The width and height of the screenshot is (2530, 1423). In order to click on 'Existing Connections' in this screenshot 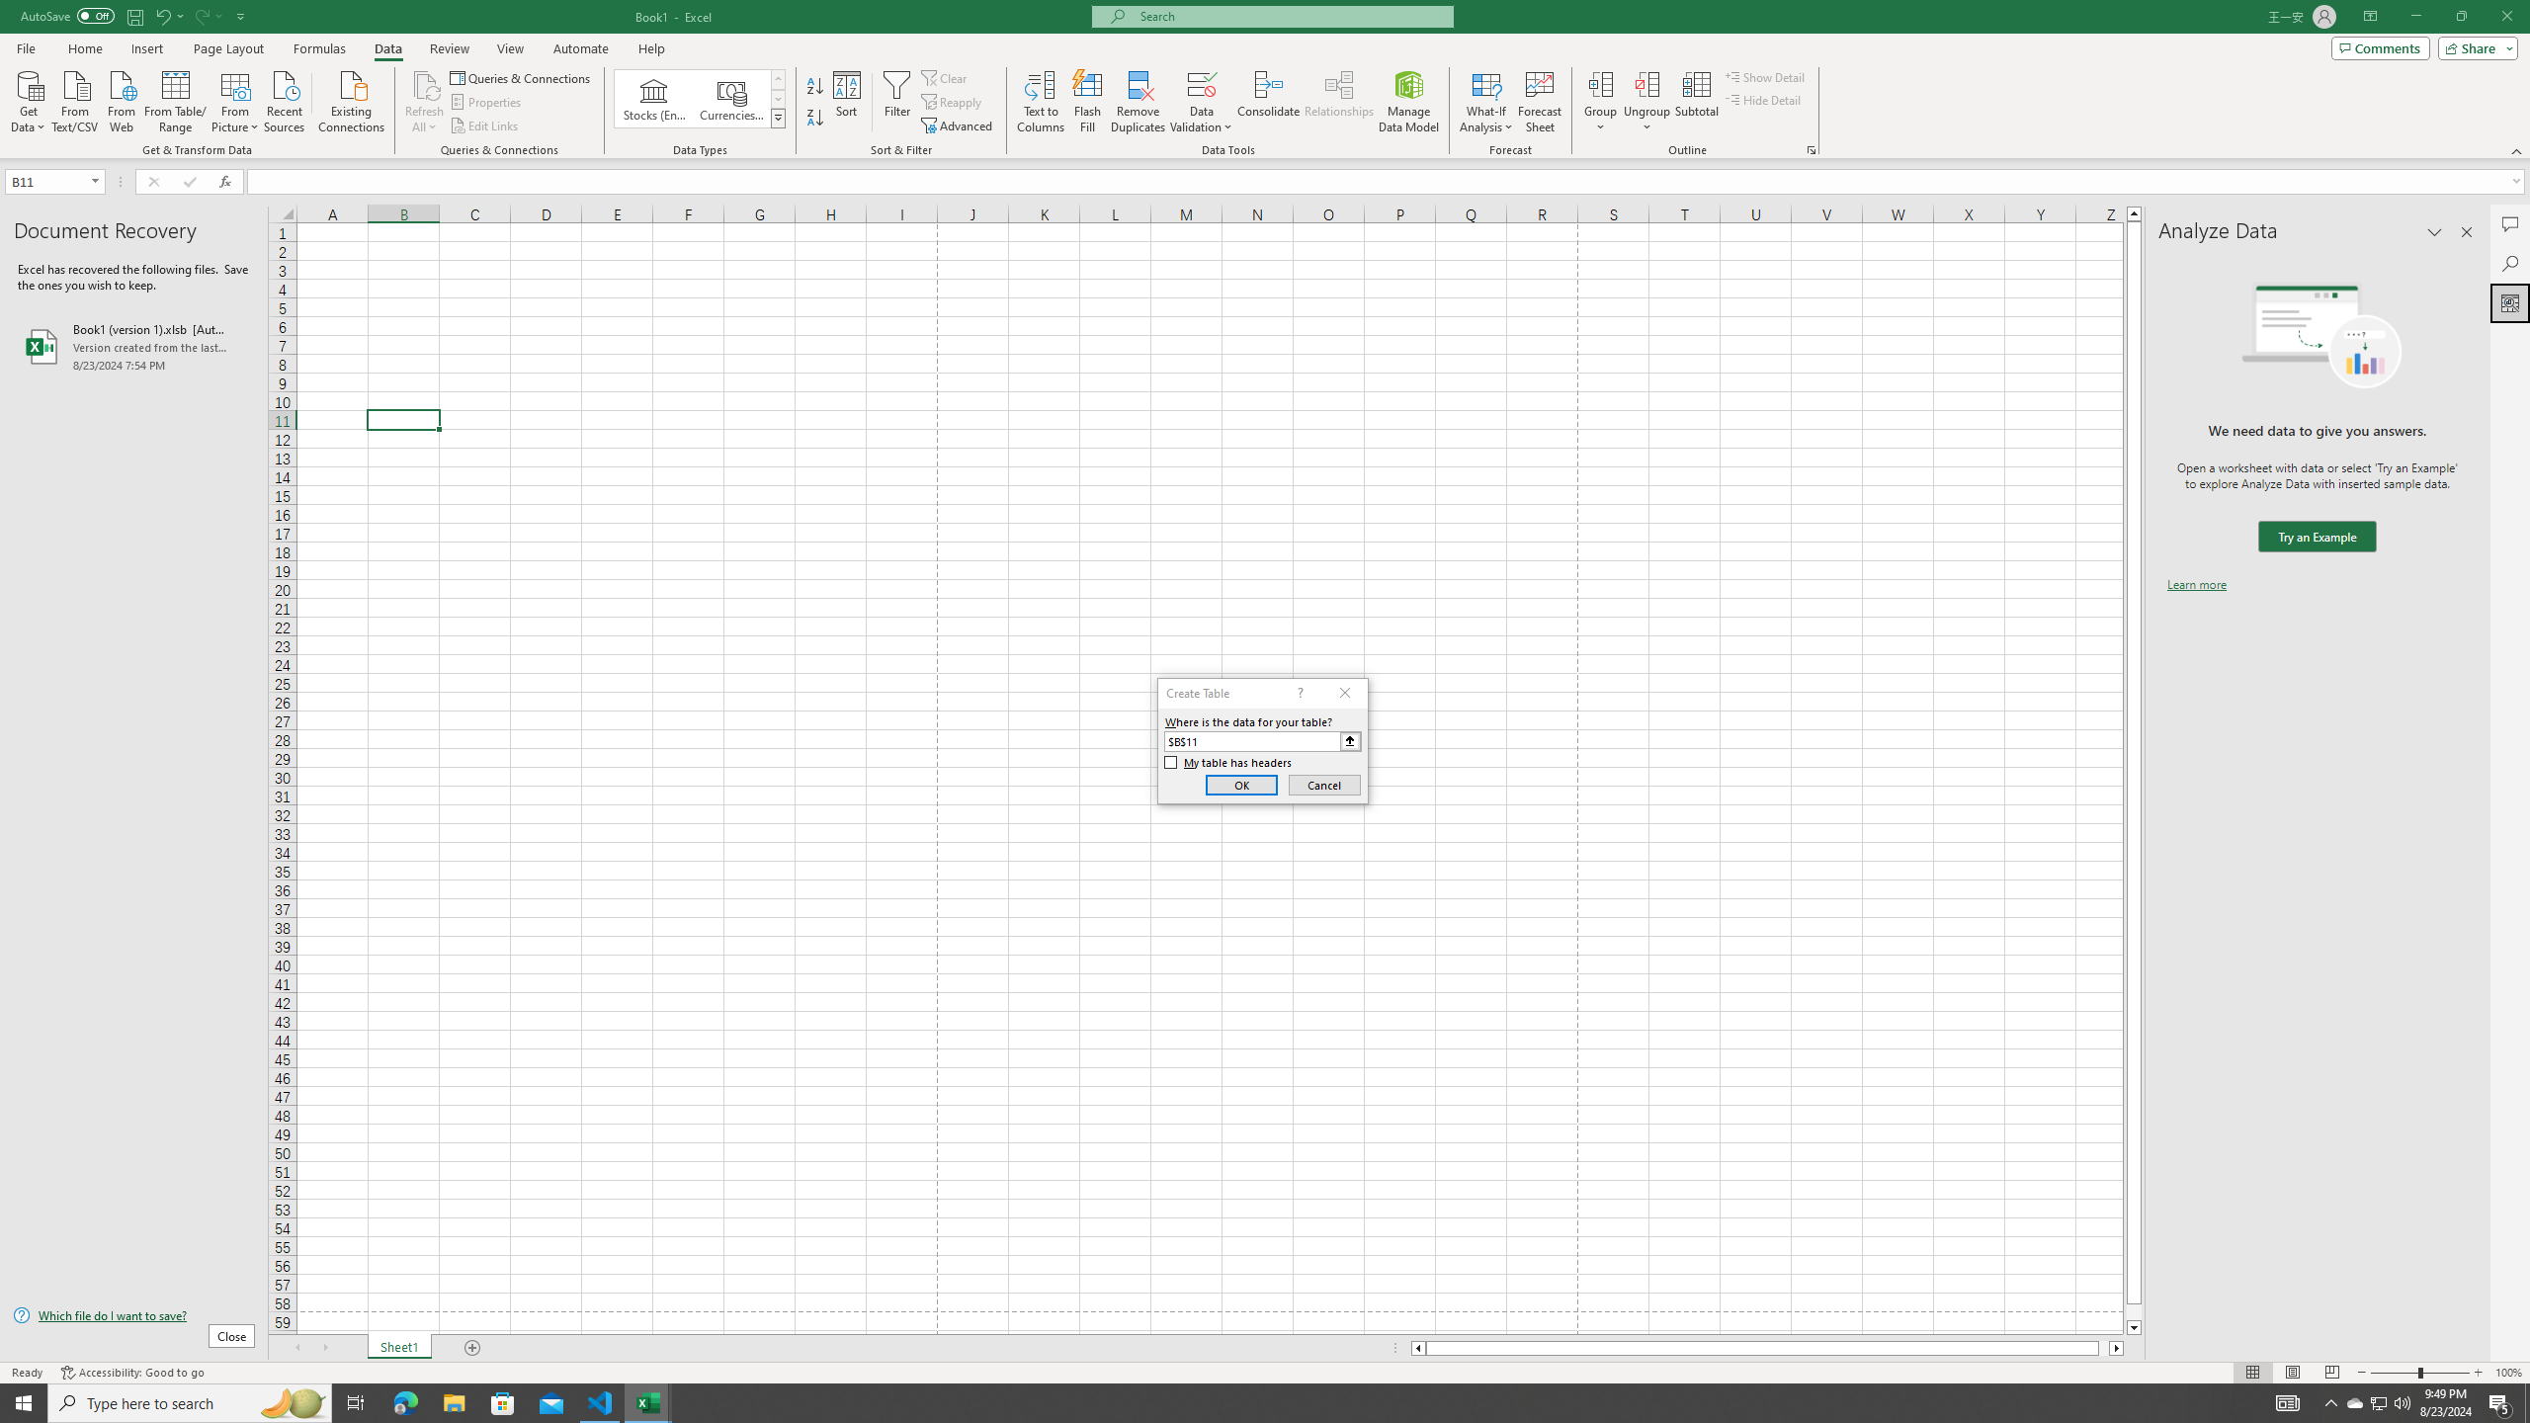, I will do `click(350, 99)`.